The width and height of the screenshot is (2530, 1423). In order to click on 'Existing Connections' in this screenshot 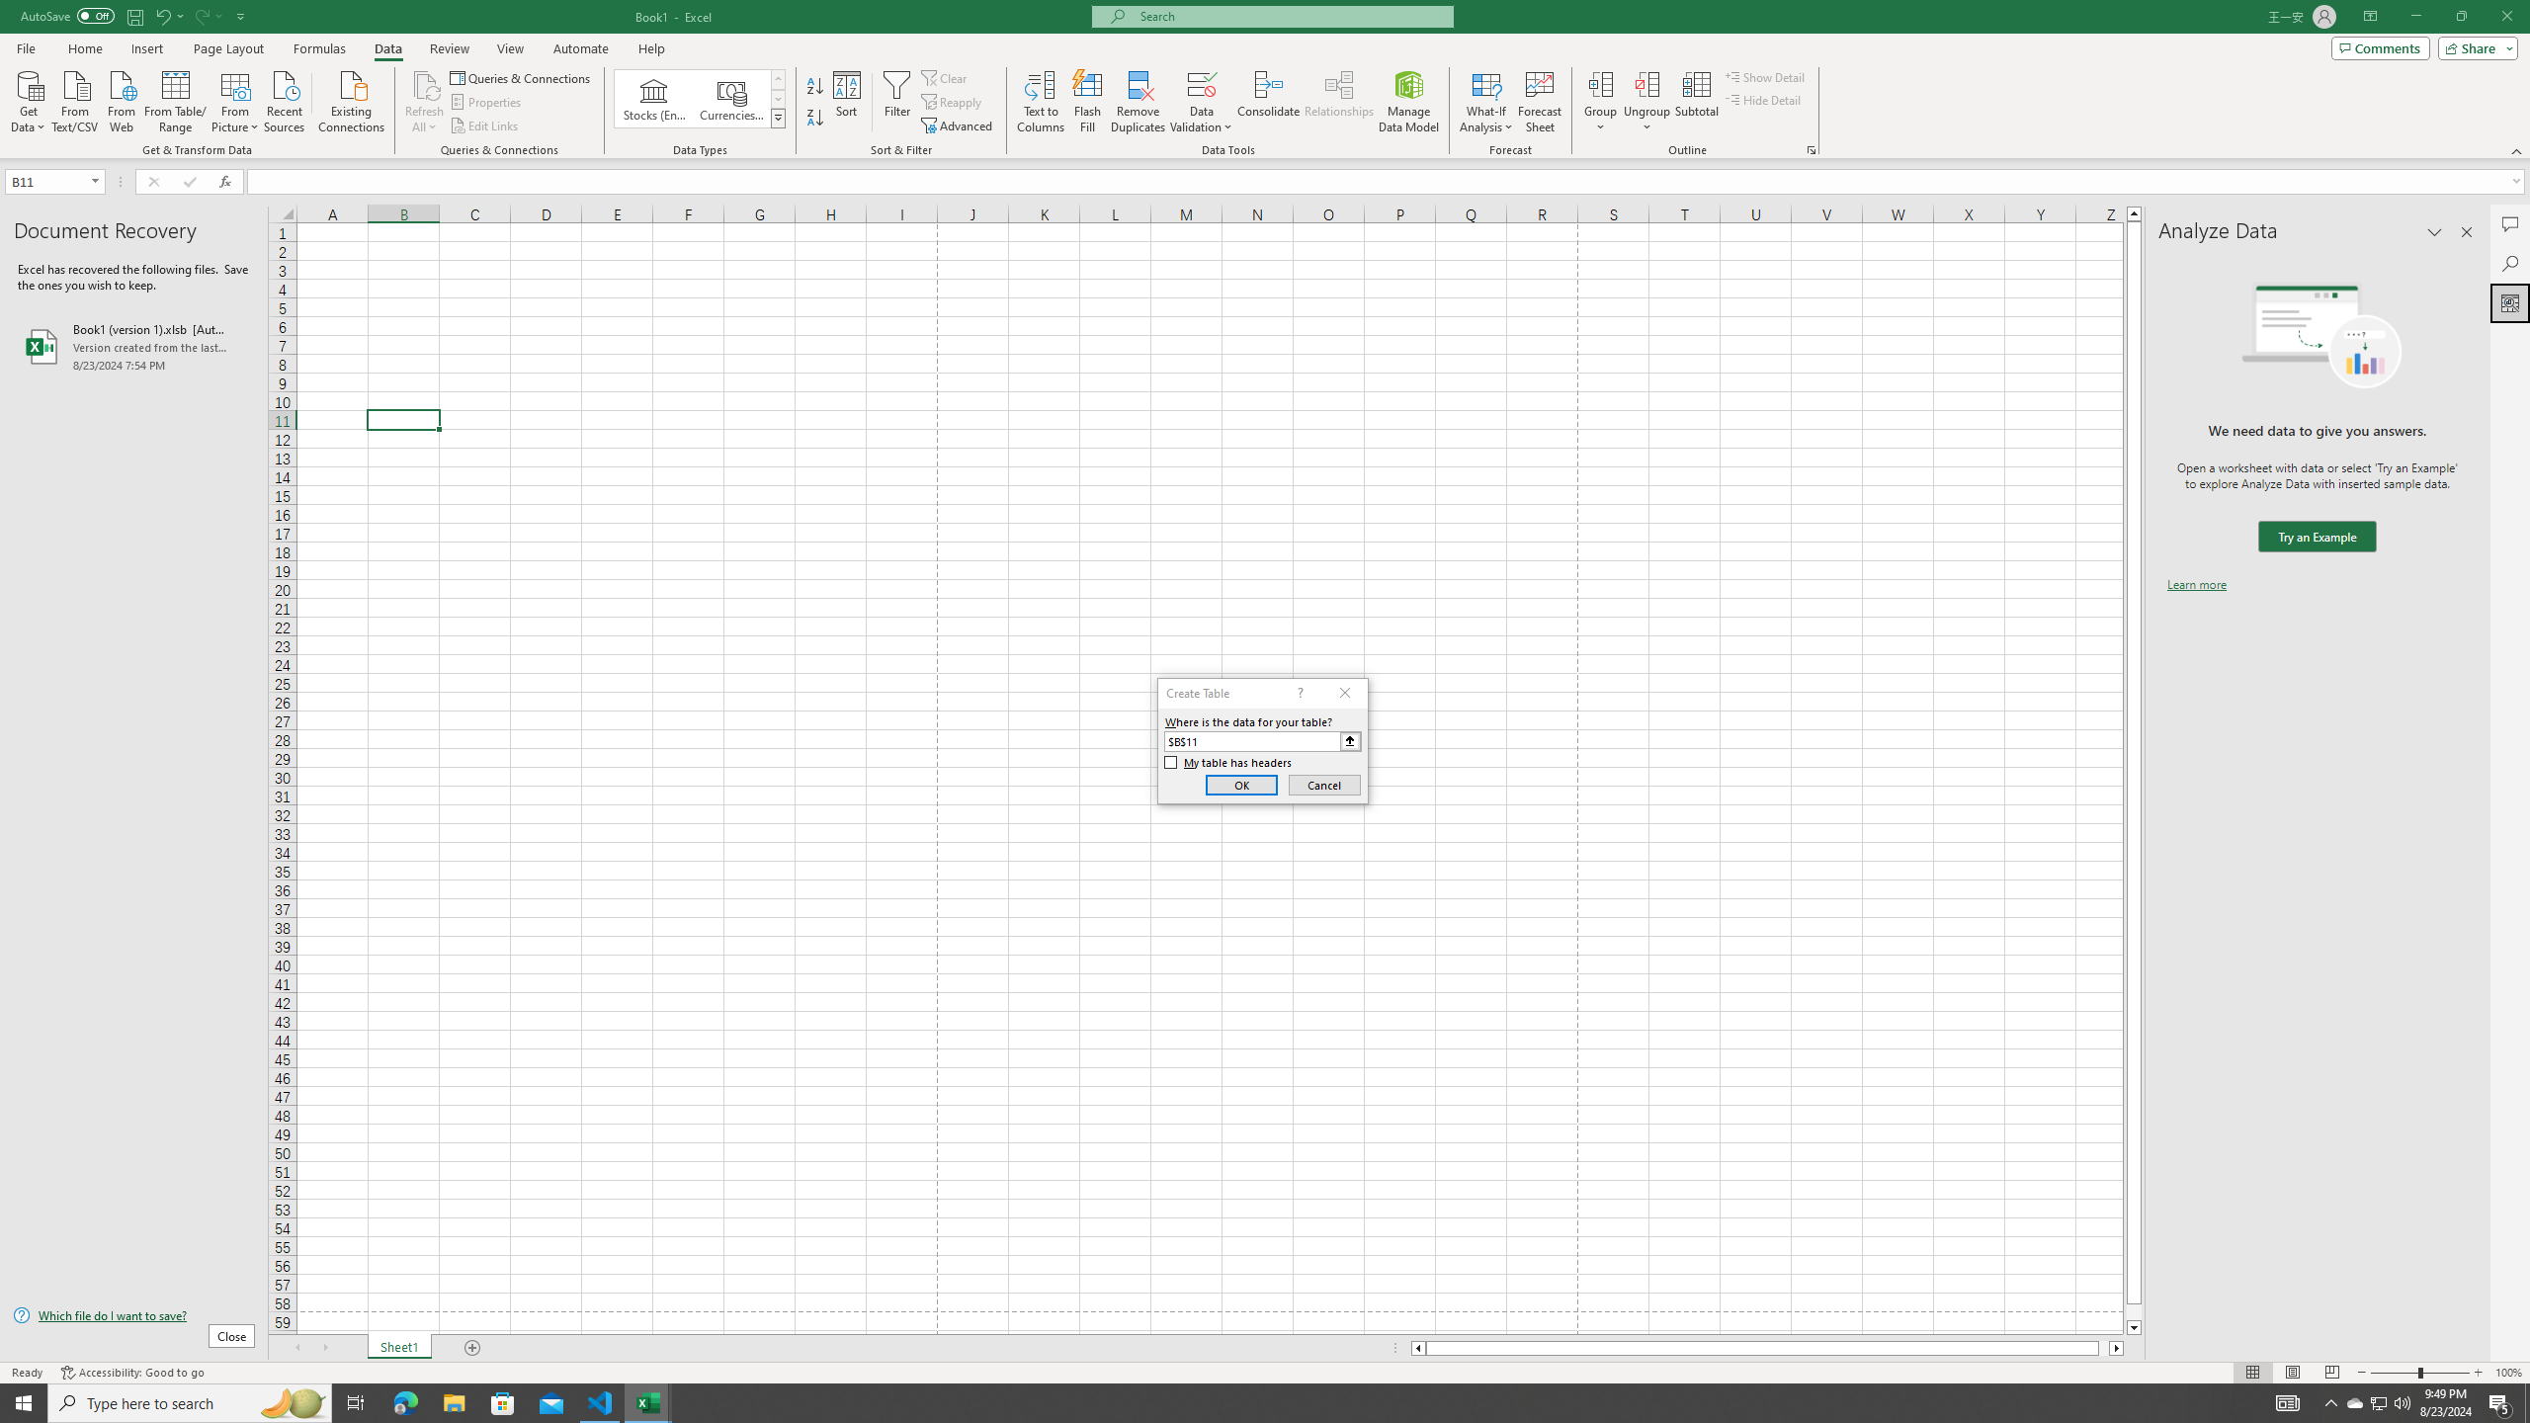, I will do `click(350, 99)`.